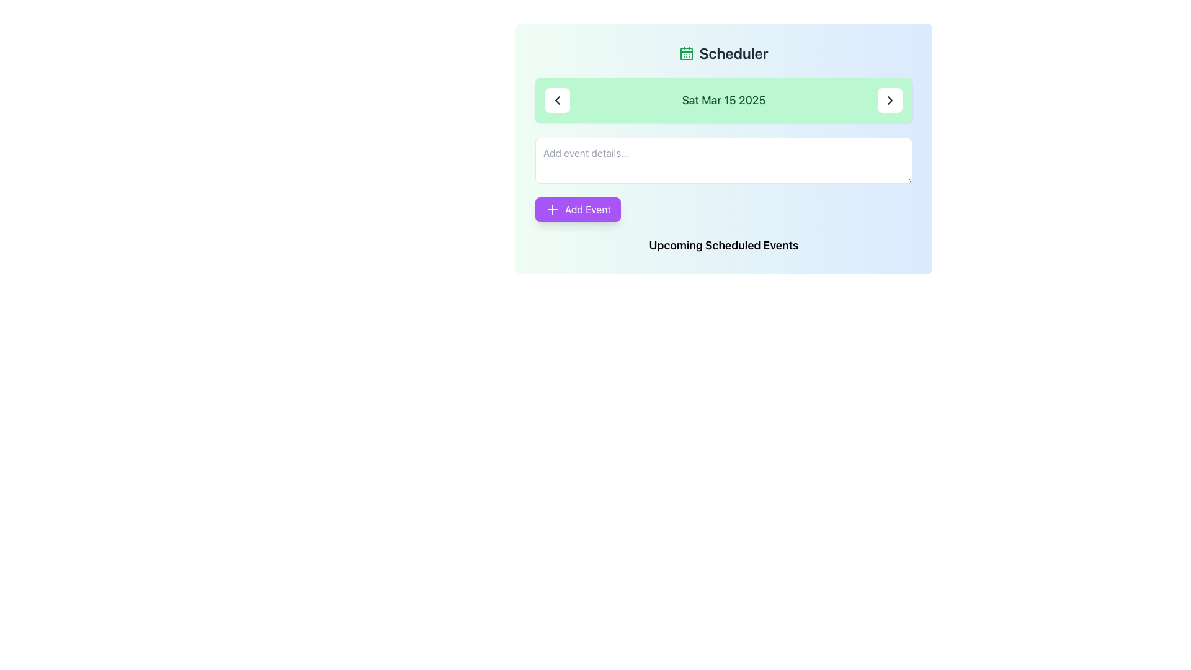 The width and height of the screenshot is (1191, 670). Describe the element at coordinates (552, 209) in the screenshot. I see `the addition icon located on the left side of the 'Add Event' button` at that location.